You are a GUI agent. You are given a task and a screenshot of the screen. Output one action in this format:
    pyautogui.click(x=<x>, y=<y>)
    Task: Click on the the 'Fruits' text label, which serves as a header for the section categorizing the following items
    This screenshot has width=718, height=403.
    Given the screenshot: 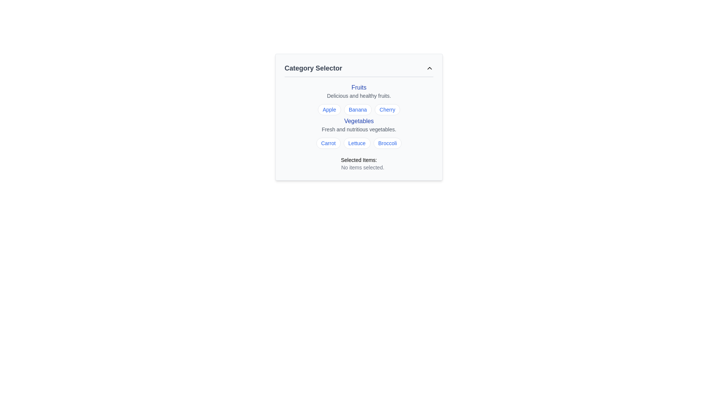 What is the action you would take?
    pyautogui.click(x=359, y=87)
    